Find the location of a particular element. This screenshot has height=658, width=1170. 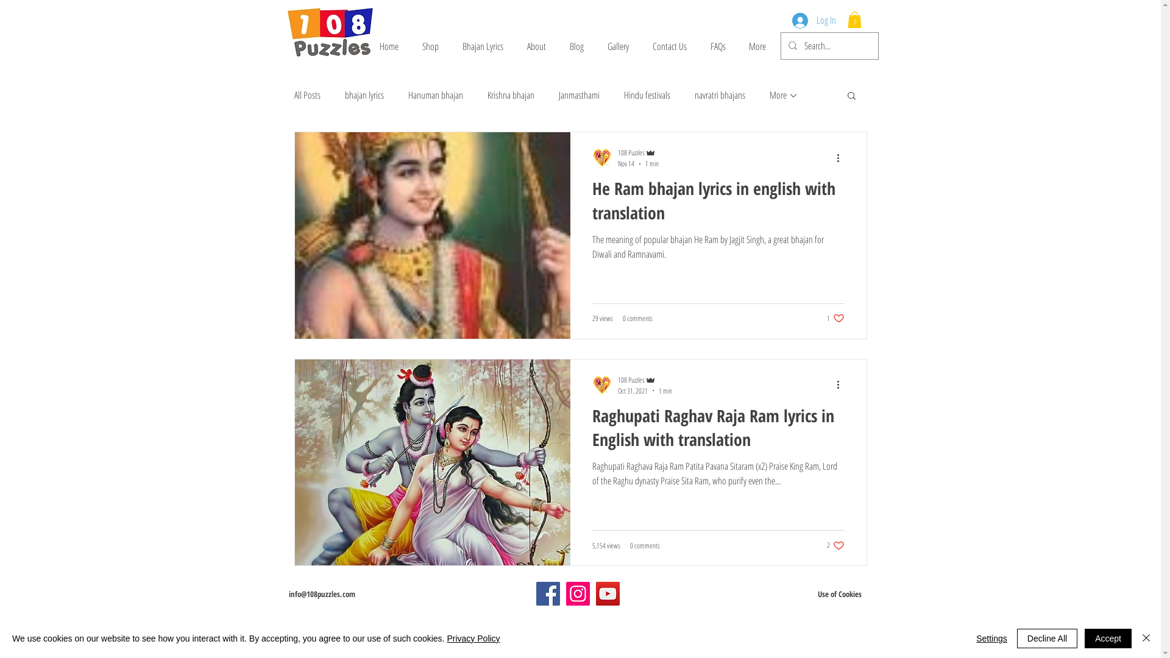

'Accept' is located at coordinates (1085, 638).